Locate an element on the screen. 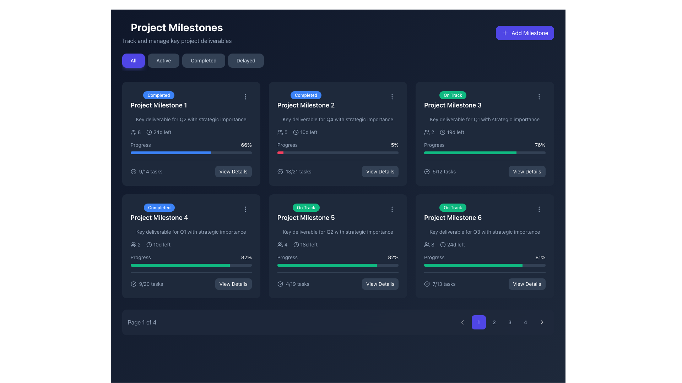  the text element displaying '66%' located in the top-right corner of the 'Progress' bar section of the first milestone card ('Project Milestone 1') is located at coordinates (246, 144).